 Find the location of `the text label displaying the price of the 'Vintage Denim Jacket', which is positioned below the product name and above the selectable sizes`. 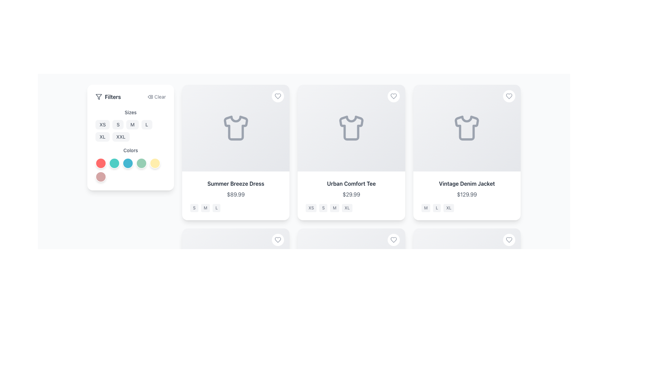

the text label displaying the price of the 'Vintage Denim Jacket', which is positioned below the product name and above the selectable sizes is located at coordinates (467, 195).